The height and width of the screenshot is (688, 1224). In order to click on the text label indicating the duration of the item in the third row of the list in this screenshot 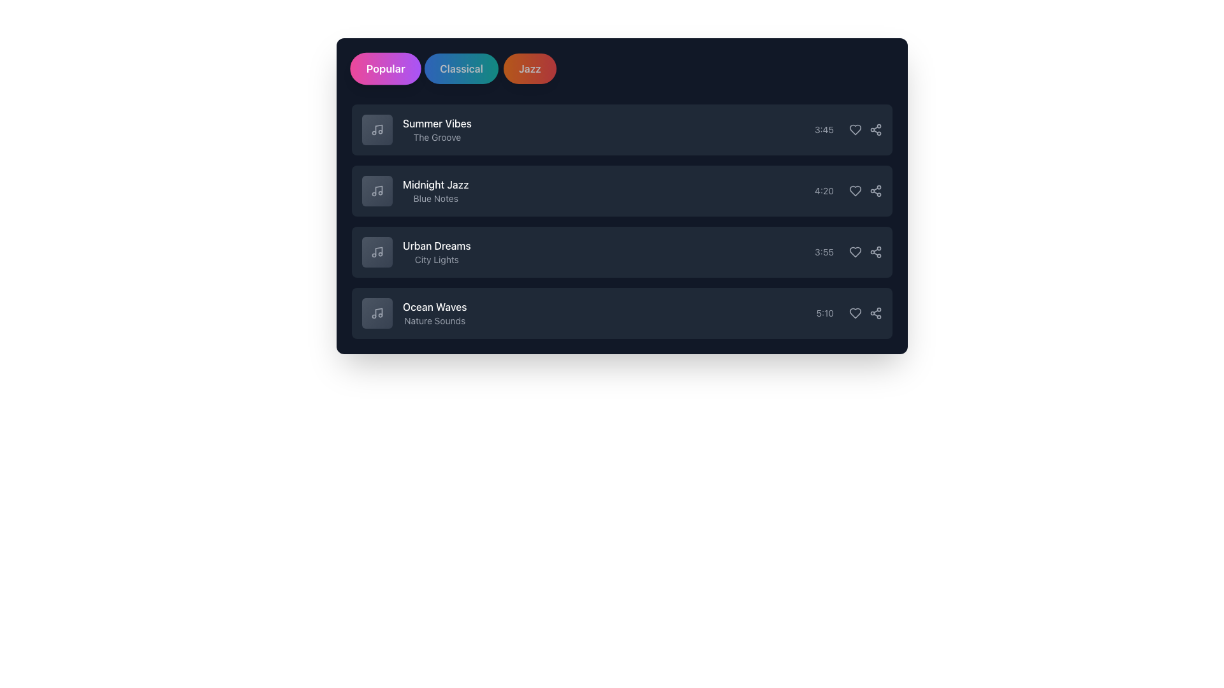, I will do `click(824, 252)`.